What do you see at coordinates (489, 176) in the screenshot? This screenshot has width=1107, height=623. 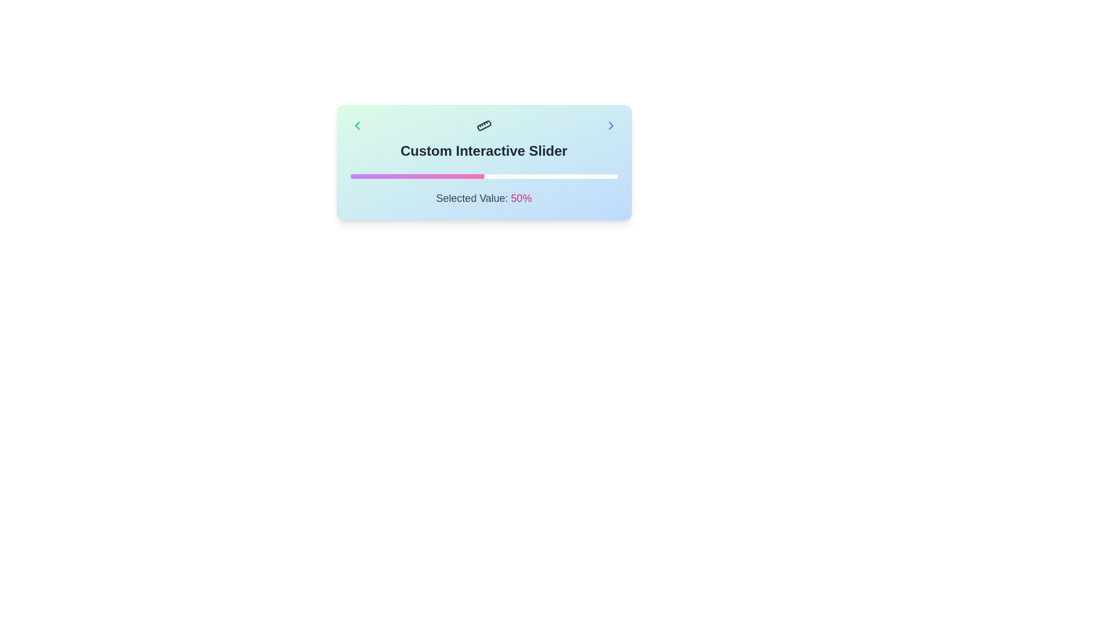 I see `the slider value` at bounding box center [489, 176].